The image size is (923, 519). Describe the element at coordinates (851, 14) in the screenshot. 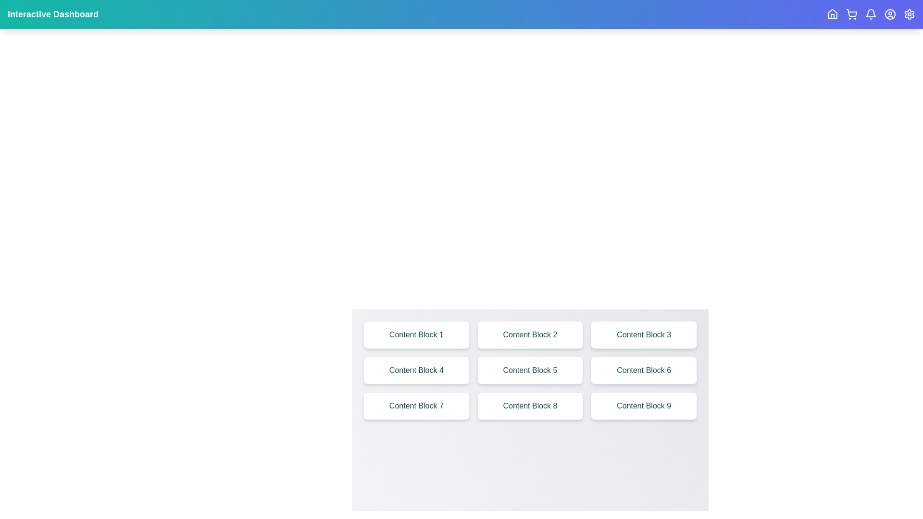

I see `the interactive icon corresponding to ShoppingCart` at that location.